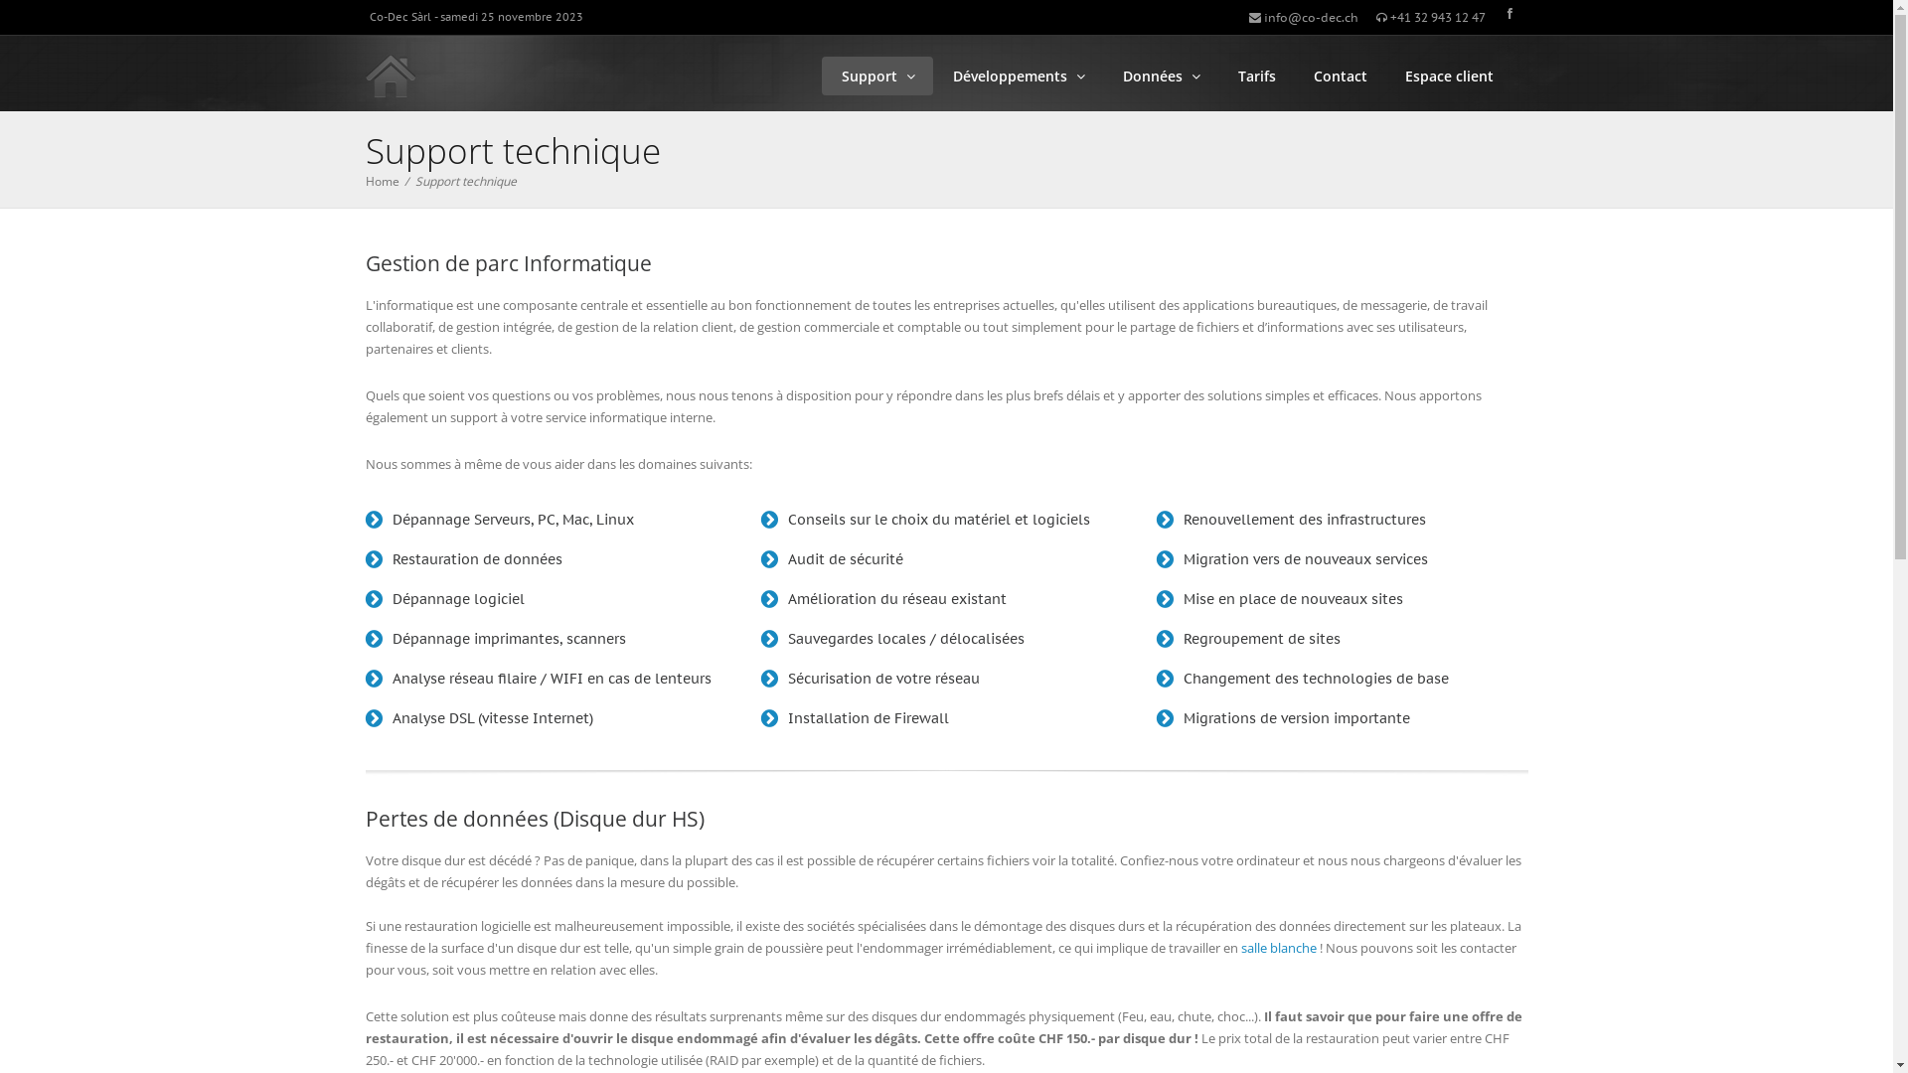  What do you see at coordinates (382, 181) in the screenshot?
I see `'Home'` at bounding box center [382, 181].